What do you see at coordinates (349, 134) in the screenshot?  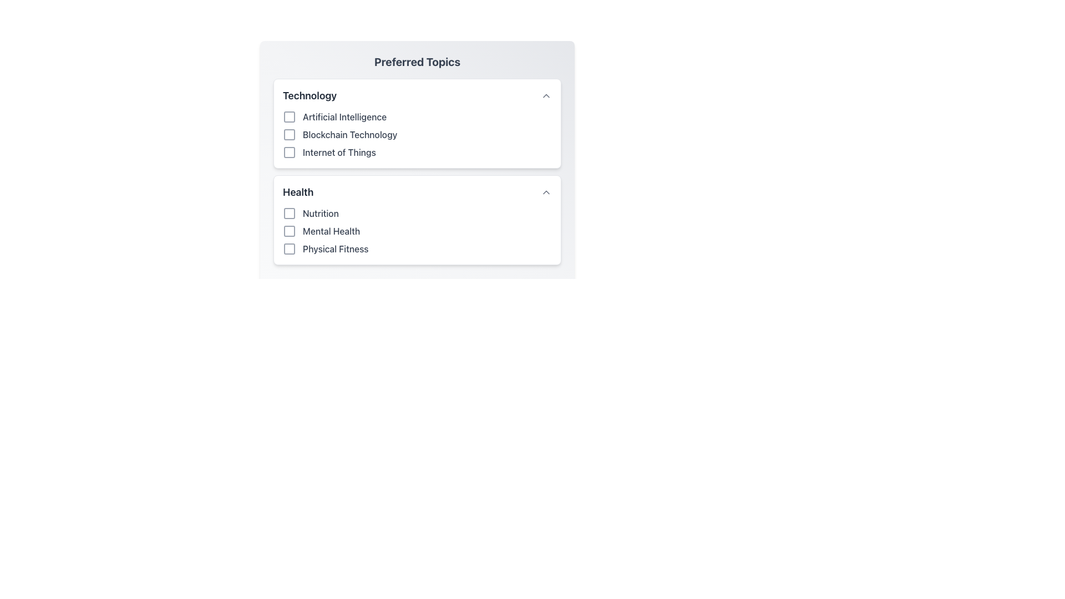 I see `the 'Technology' topic label in the 'Preferred Topics' interface, which is the second item after 'Artificial Intelligence' and before 'Internet of Things', located to the right of the adjacent checkbox` at bounding box center [349, 134].